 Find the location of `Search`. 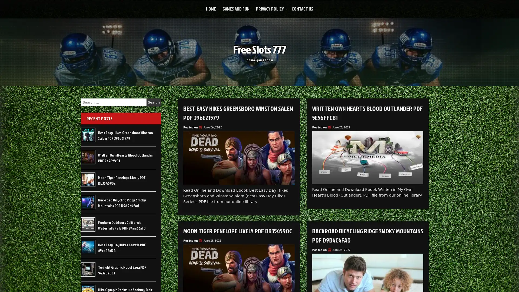

Search is located at coordinates (154, 102).